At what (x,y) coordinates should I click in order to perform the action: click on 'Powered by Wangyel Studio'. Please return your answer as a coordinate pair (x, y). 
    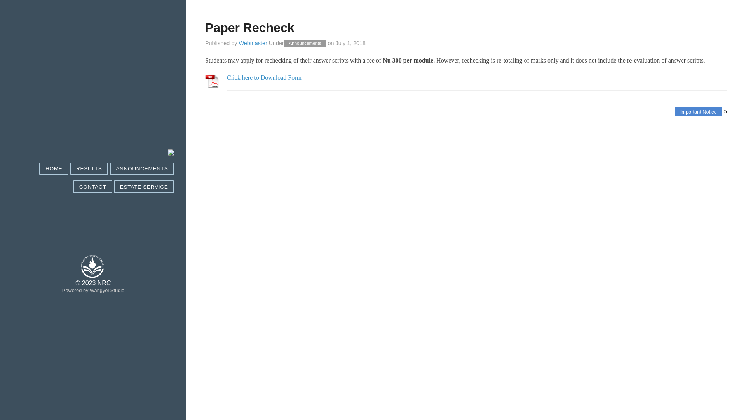
    Looking at the image, I should click on (93, 290).